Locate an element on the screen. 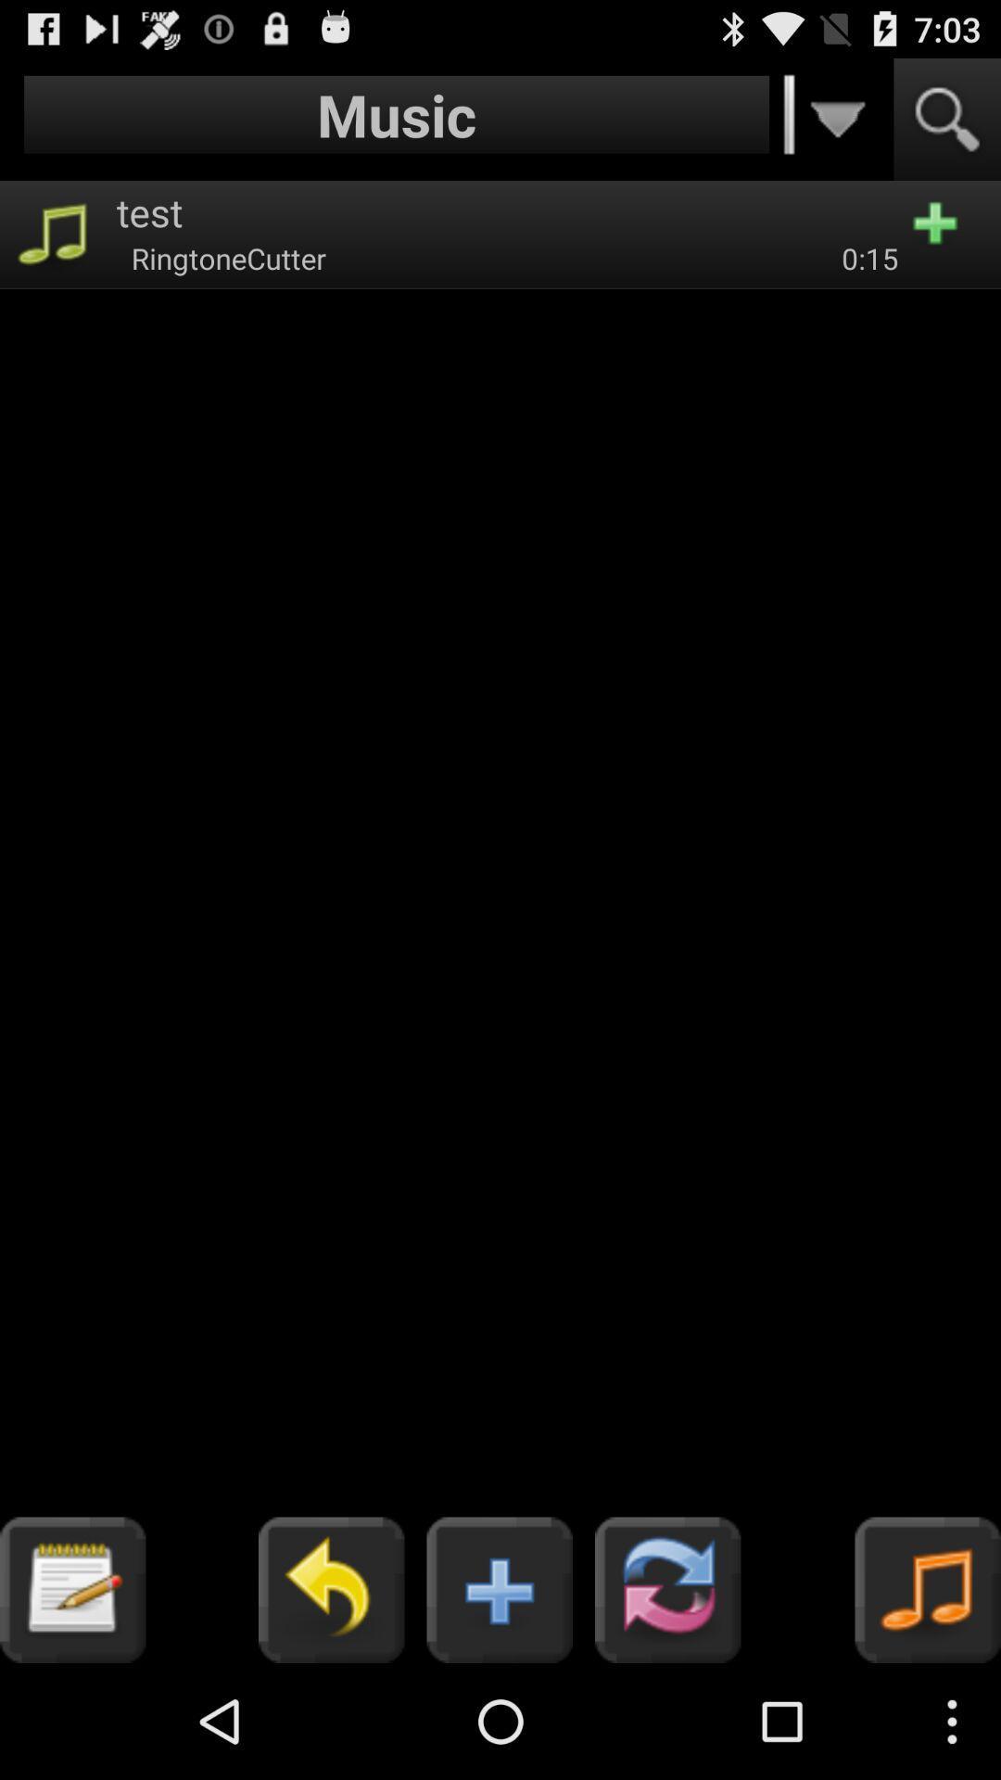  the reply icon is located at coordinates (330, 1701).